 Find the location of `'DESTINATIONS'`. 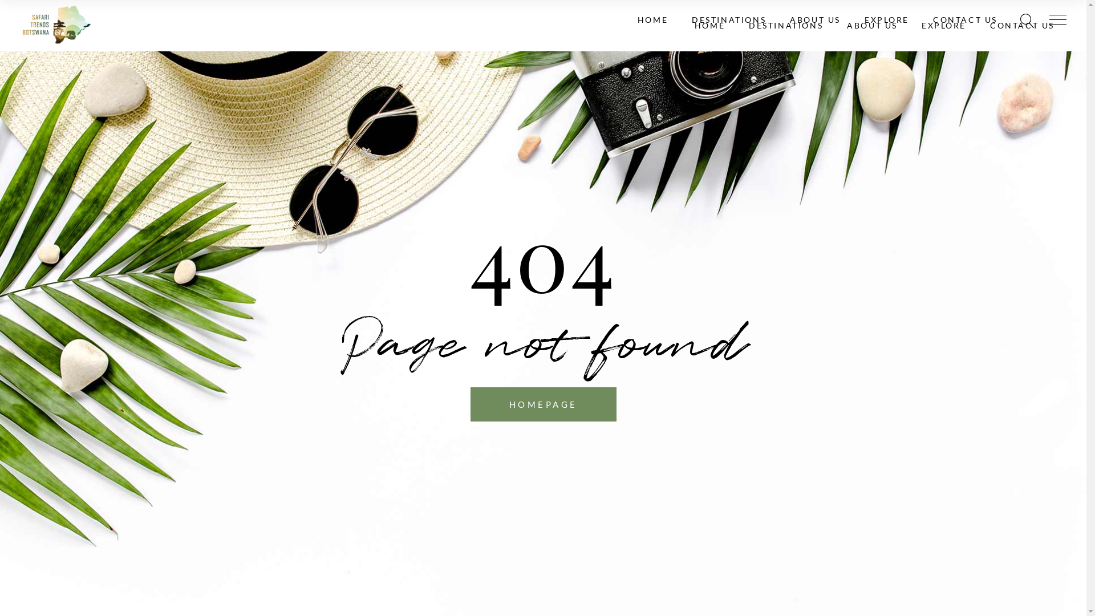

'DESTINATIONS' is located at coordinates (728, 19).